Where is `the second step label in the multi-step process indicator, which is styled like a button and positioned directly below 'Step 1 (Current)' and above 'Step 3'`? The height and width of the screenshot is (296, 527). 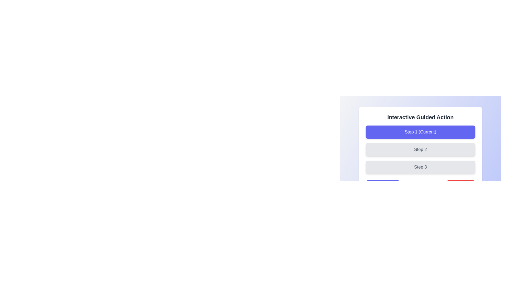 the second step label in the multi-step process indicator, which is styled like a button and positioned directly below 'Step 1 (Current)' and above 'Step 3' is located at coordinates (420, 150).